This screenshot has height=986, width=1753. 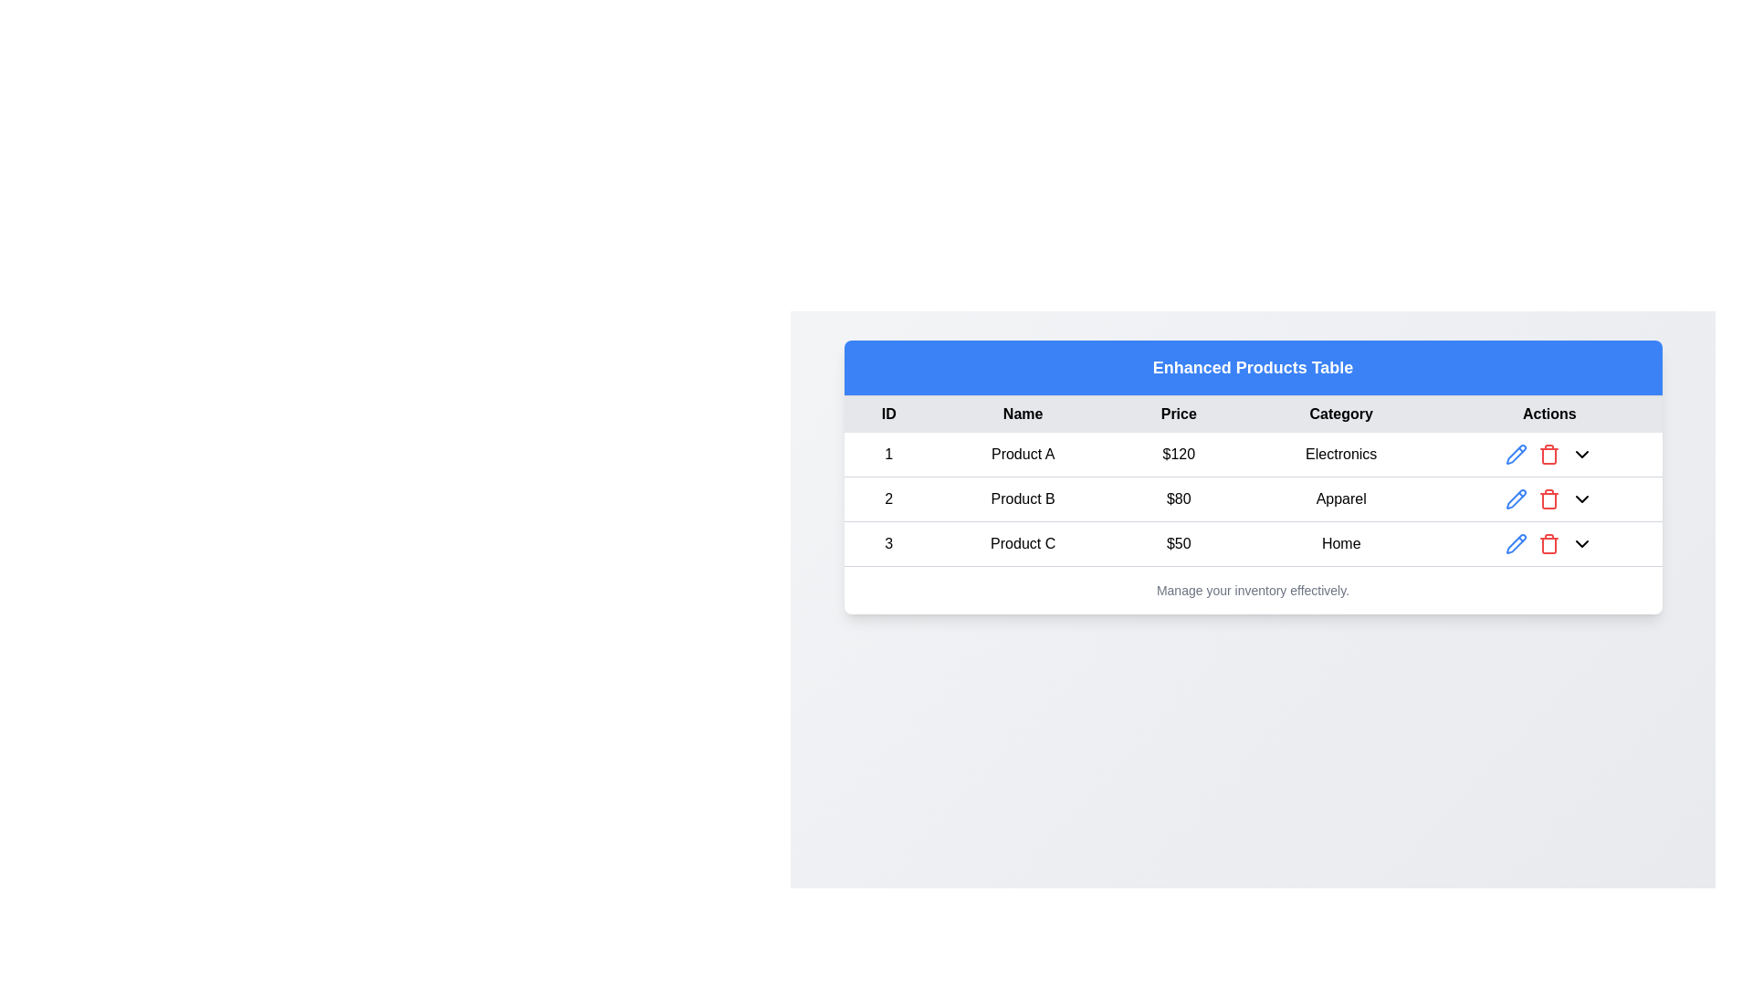 I want to click on the text label that uniquely identifies the ID of 'Product B' in the second row of the table, so click(x=888, y=499).